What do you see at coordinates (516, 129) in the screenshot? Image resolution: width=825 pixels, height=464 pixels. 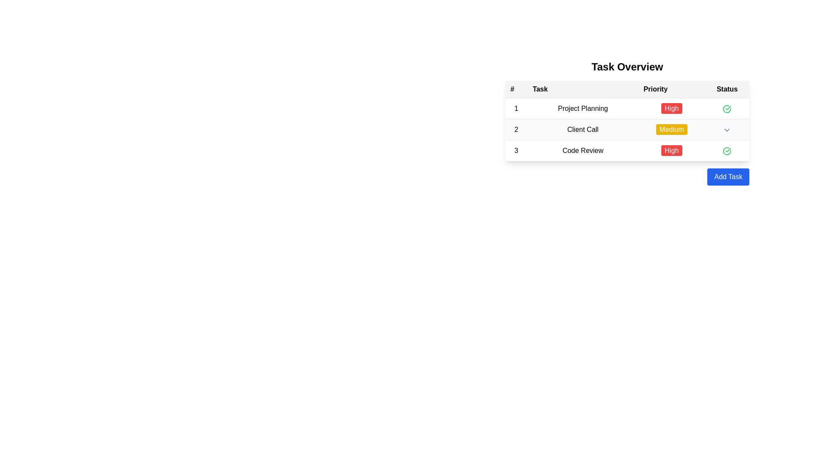 I see `the text label that serves as the row identifier in the second row of a table under the column labeled '#'` at bounding box center [516, 129].